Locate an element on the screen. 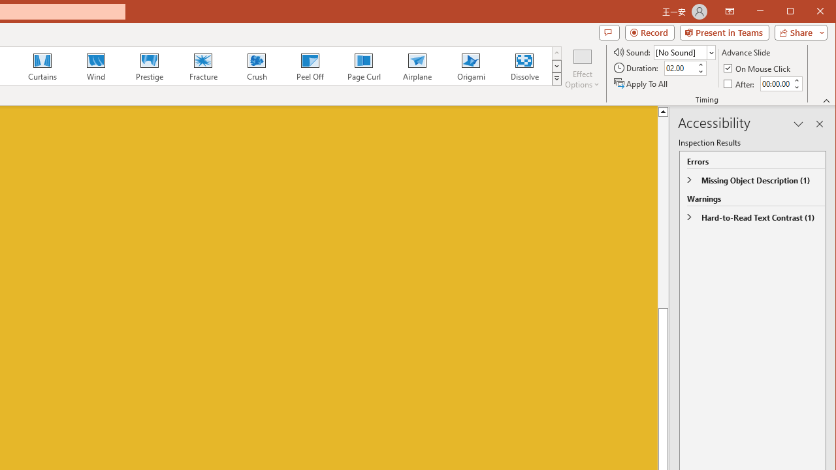  'Less' is located at coordinates (796, 87).